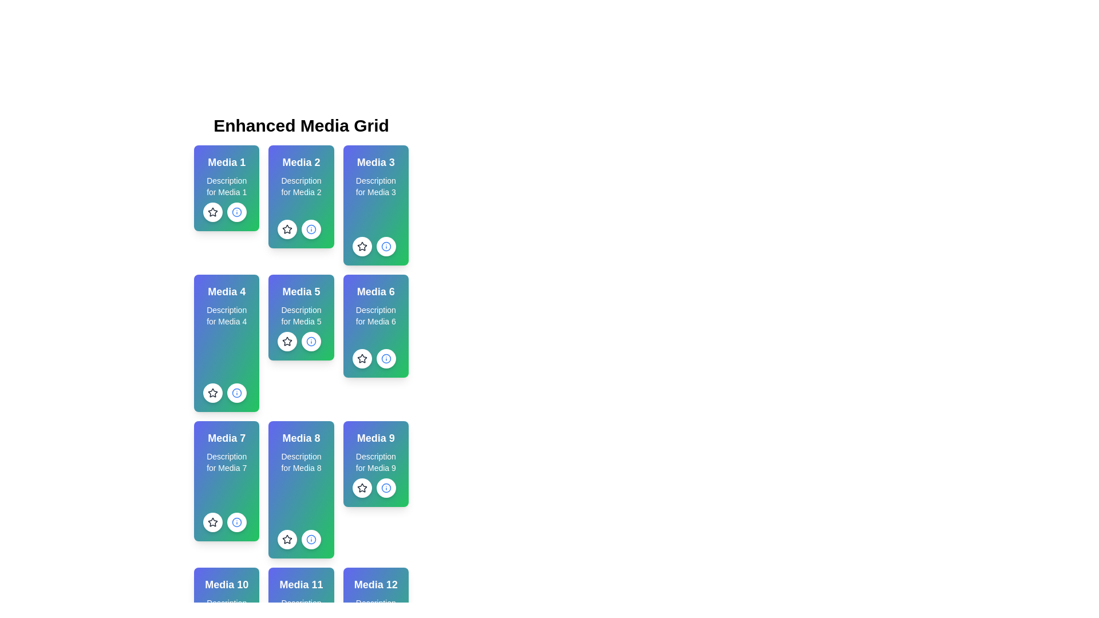  Describe the element at coordinates (213, 212) in the screenshot. I see `the favorite or bookmark button located at the bottom-left corner inside the card labeled 'Media 1'` at that location.